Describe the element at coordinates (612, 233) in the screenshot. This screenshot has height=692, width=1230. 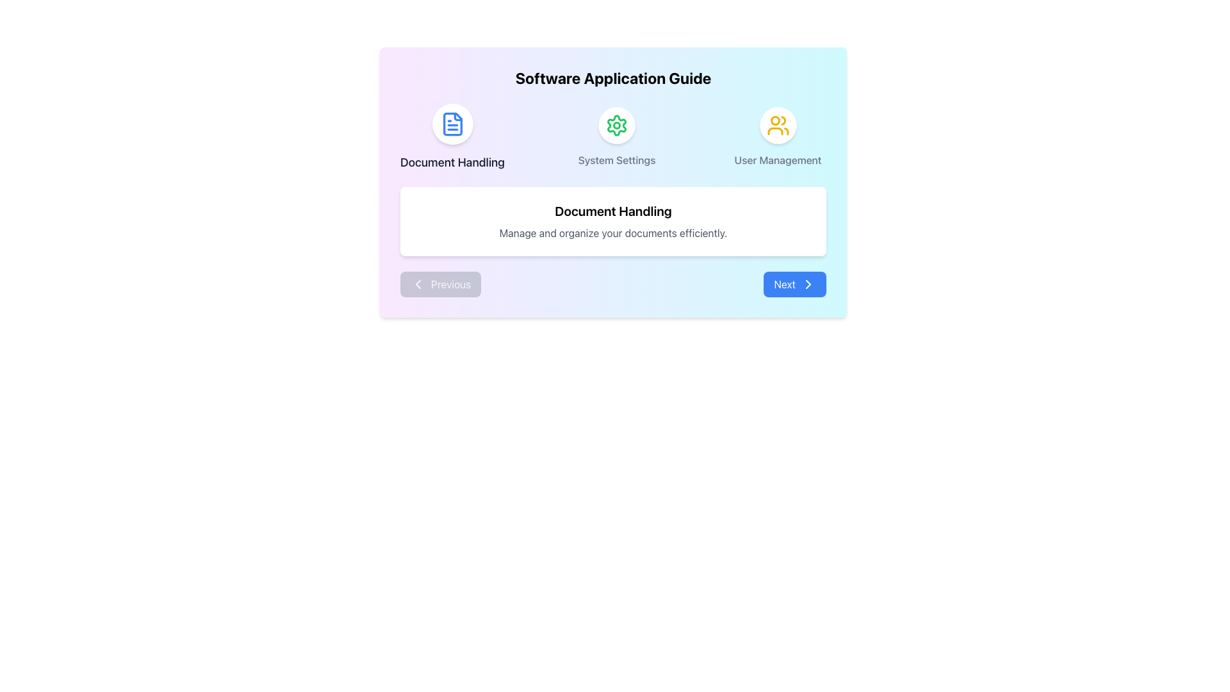
I see `text block that contains the message 'Manage and organize your documents efficiently.' located beneath the title 'Document Handling' within the white rectangular card` at that location.